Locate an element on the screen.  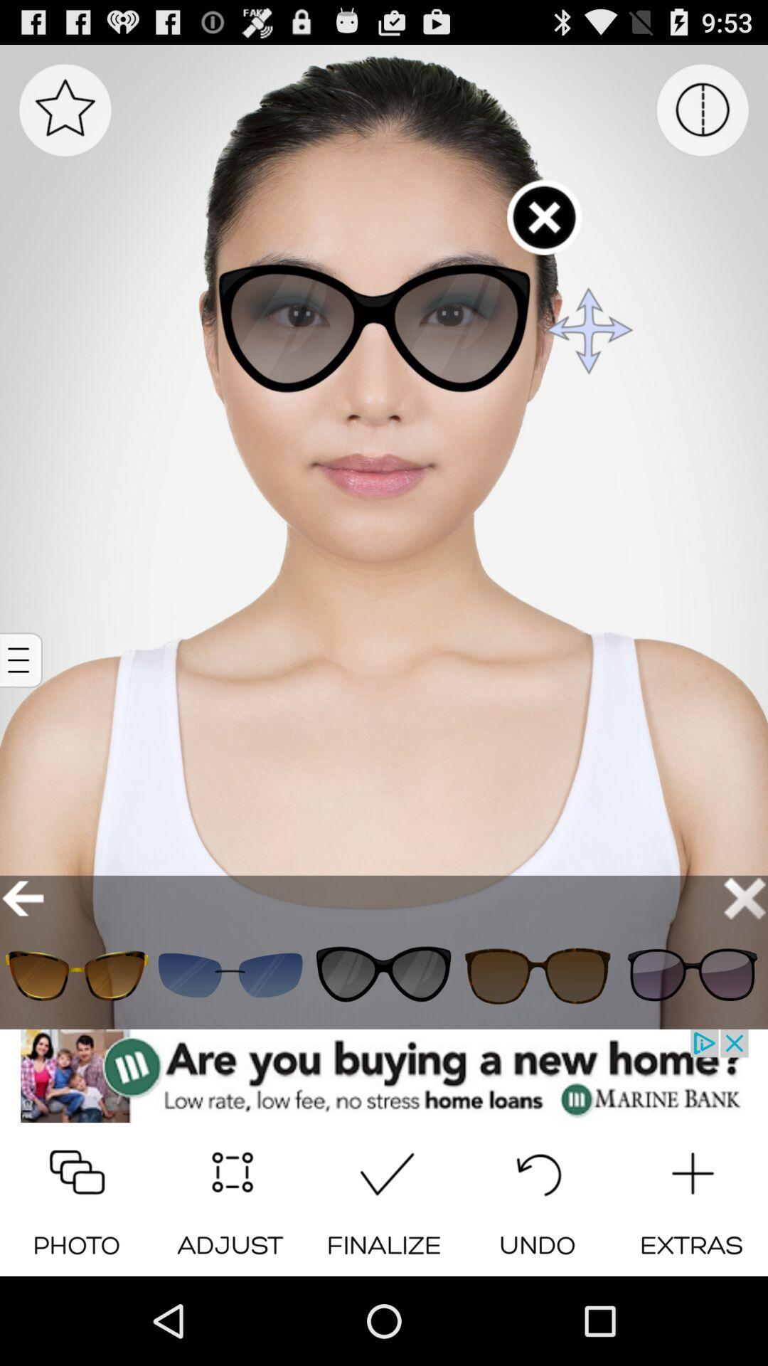
fashion pagae is located at coordinates (230, 975).